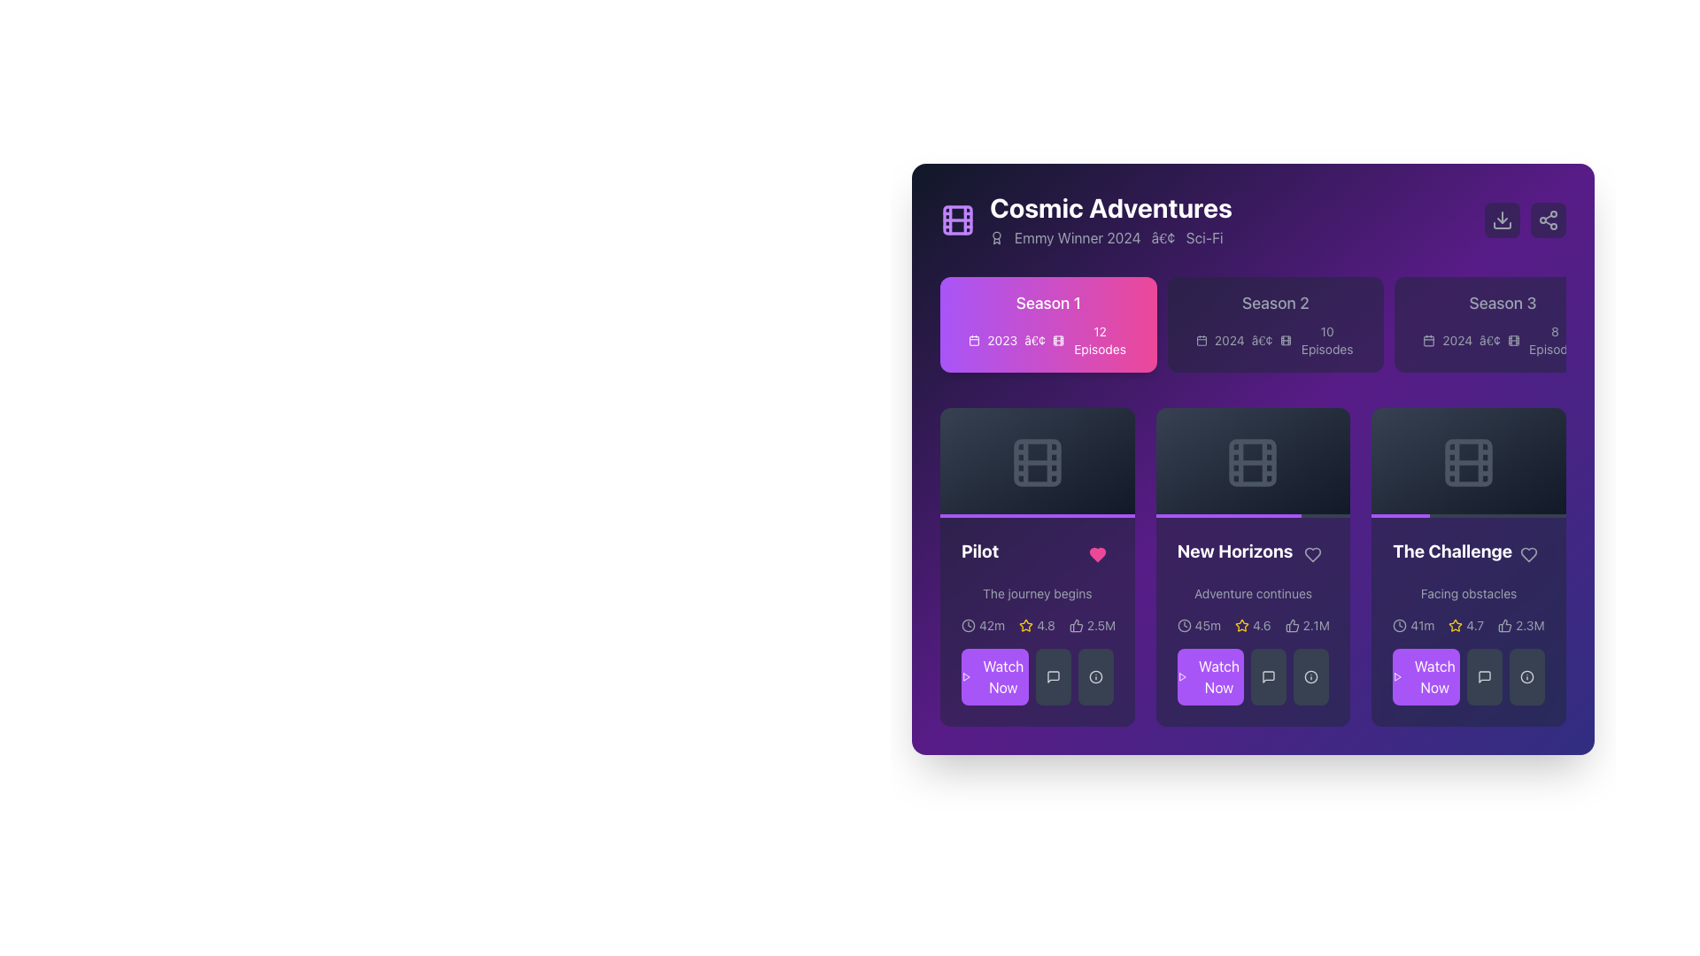  Describe the element at coordinates (1268, 676) in the screenshot. I see `the interactive button located in the second column below the 'New Horizons' episode card` at that location.